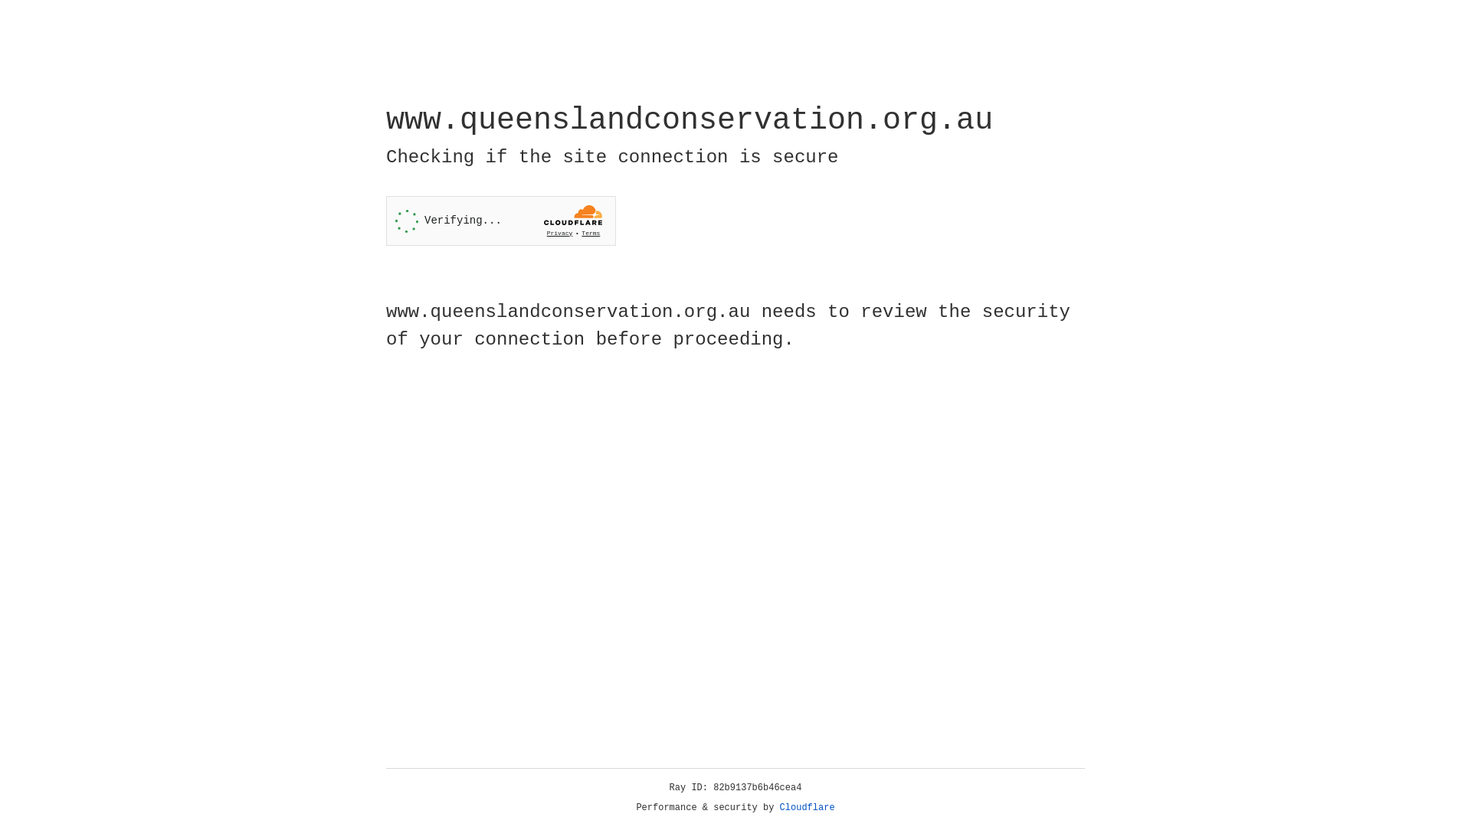 This screenshot has width=1471, height=827. Describe the element at coordinates (807, 807) in the screenshot. I see `'Cloudflare'` at that location.